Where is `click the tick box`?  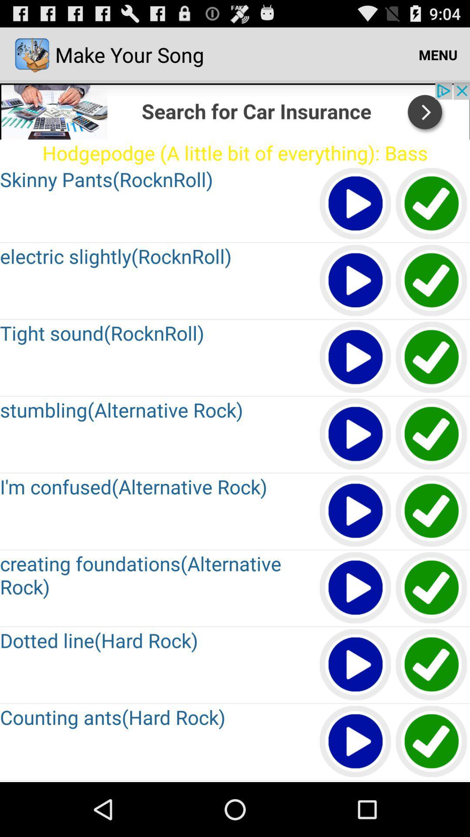
click the tick box is located at coordinates (432, 281).